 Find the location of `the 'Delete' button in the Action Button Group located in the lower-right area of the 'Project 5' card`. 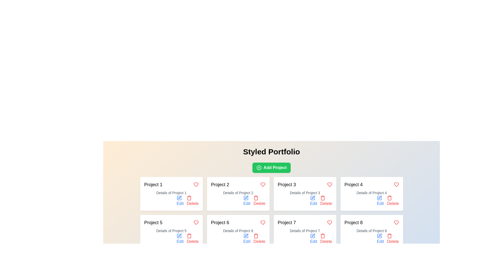

the 'Delete' button in the Action Button Group located in the lower-right area of the 'Project 5' card is located at coordinates (171, 239).